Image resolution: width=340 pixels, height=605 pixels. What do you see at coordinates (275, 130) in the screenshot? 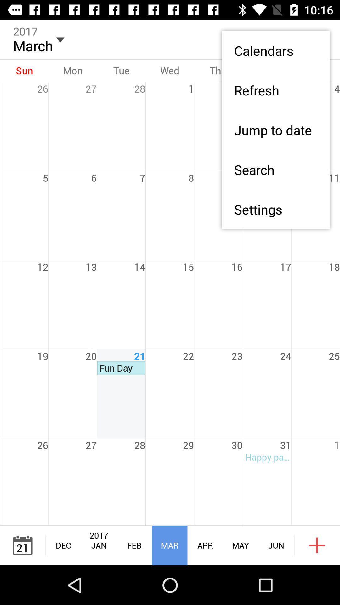
I see `jump to date item` at bounding box center [275, 130].